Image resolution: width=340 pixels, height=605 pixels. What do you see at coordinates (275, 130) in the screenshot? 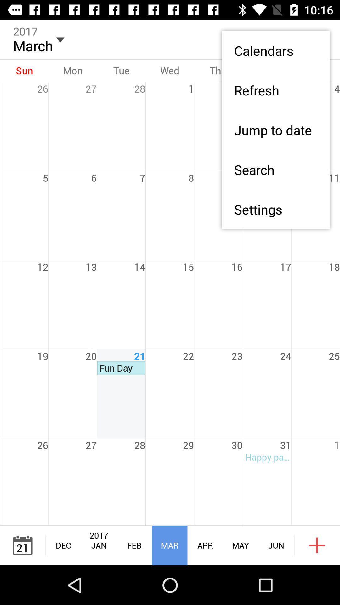
I see `jump to date item` at bounding box center [275, 130].